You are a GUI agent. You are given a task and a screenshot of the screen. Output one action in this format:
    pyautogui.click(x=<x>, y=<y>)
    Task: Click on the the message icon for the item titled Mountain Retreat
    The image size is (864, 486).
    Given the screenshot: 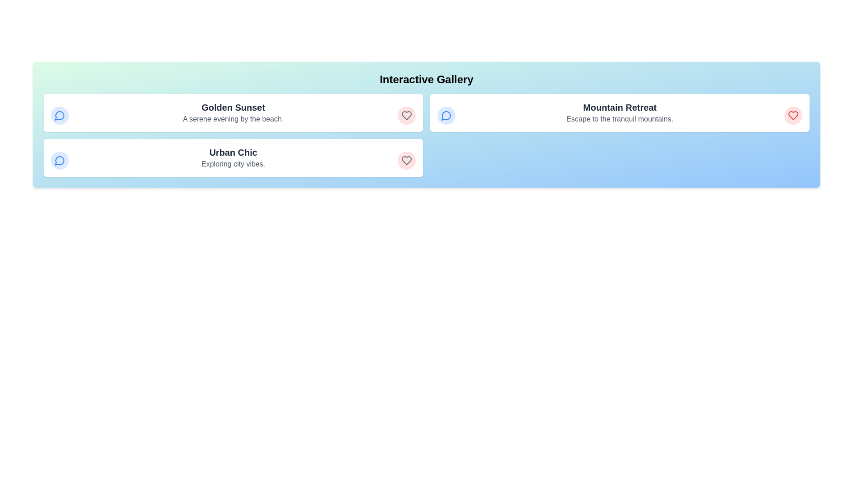 What is the action you would take?
    pyautogui.click(x=446, y=115)
    